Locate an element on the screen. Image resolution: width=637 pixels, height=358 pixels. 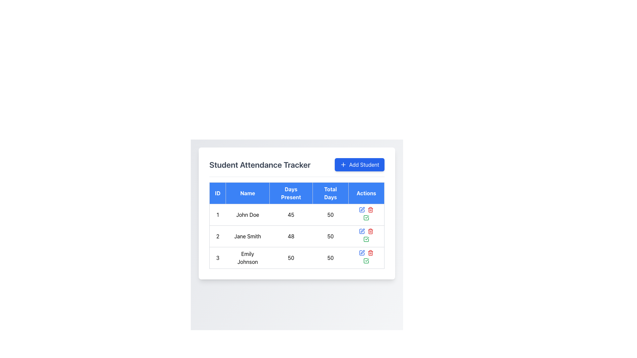
the 'Add Student' button with a blue background and white text in the 'Student Attendance Tracker' section to interact via keyboard is located at coordinates (359, 164).